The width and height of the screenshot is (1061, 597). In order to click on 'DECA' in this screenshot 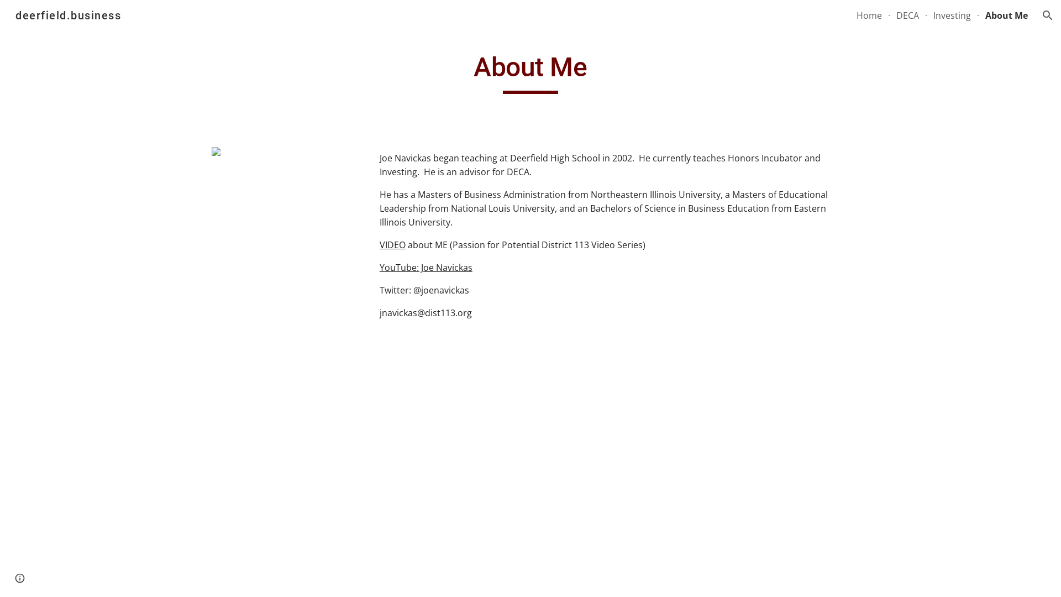, I will do `click(907, 15)`.